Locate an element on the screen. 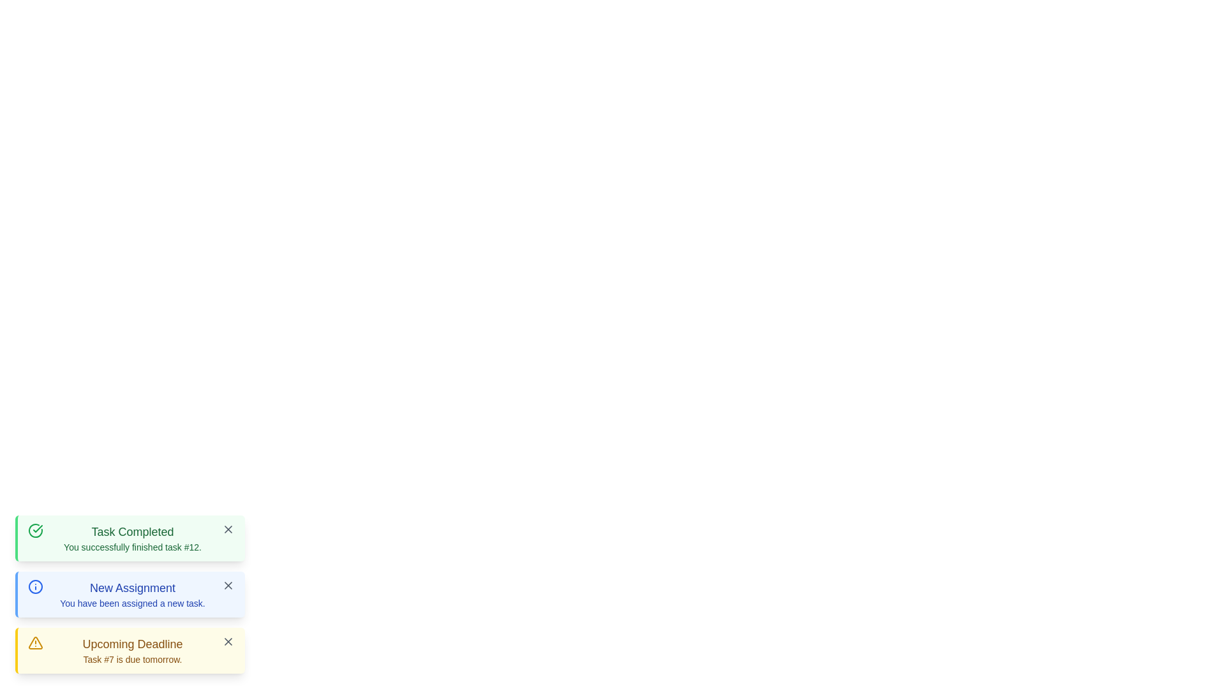 This screenshot has height=689, width=1225. the dismiss/closure icon (small 'X' in gray) located at the top-right corner of the blue notification box labeled 'New Assignment' is located at coordinates (228, 586).